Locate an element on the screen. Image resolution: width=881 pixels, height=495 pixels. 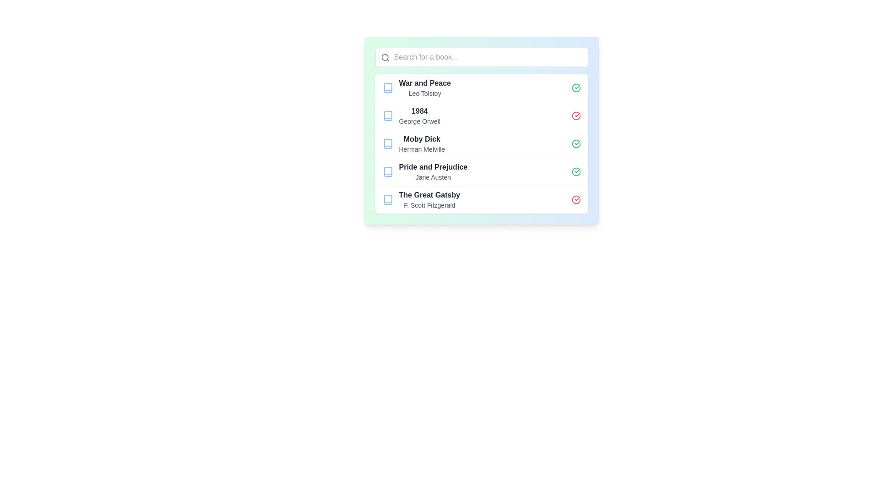
the bold text label 'Moby Dick' is located at coordinates (421, 139).